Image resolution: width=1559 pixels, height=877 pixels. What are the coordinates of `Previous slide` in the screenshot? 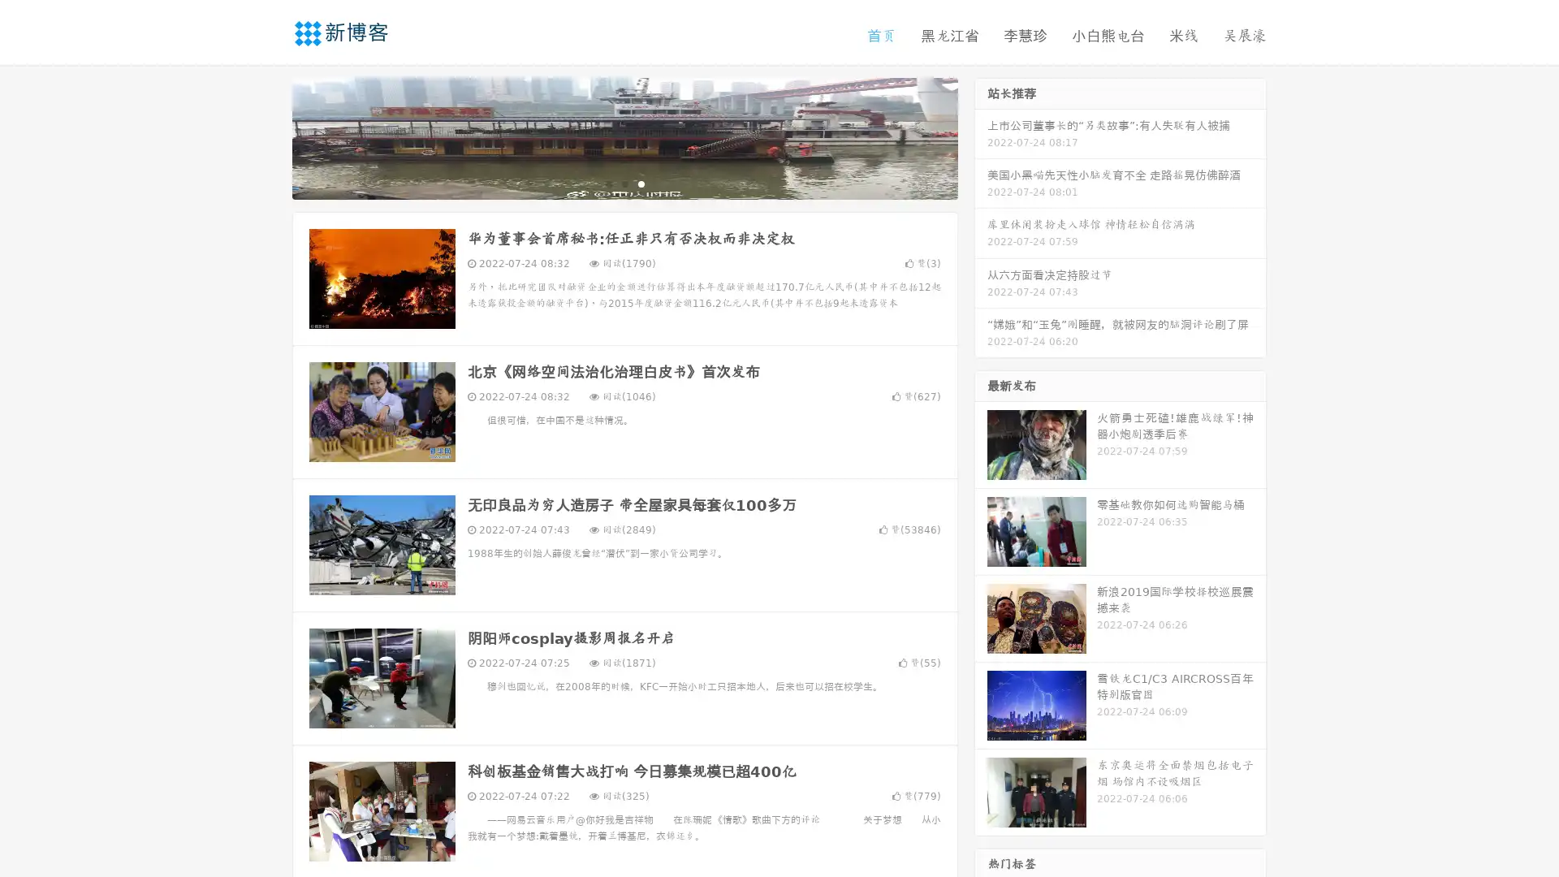 It's located at (268, 136).